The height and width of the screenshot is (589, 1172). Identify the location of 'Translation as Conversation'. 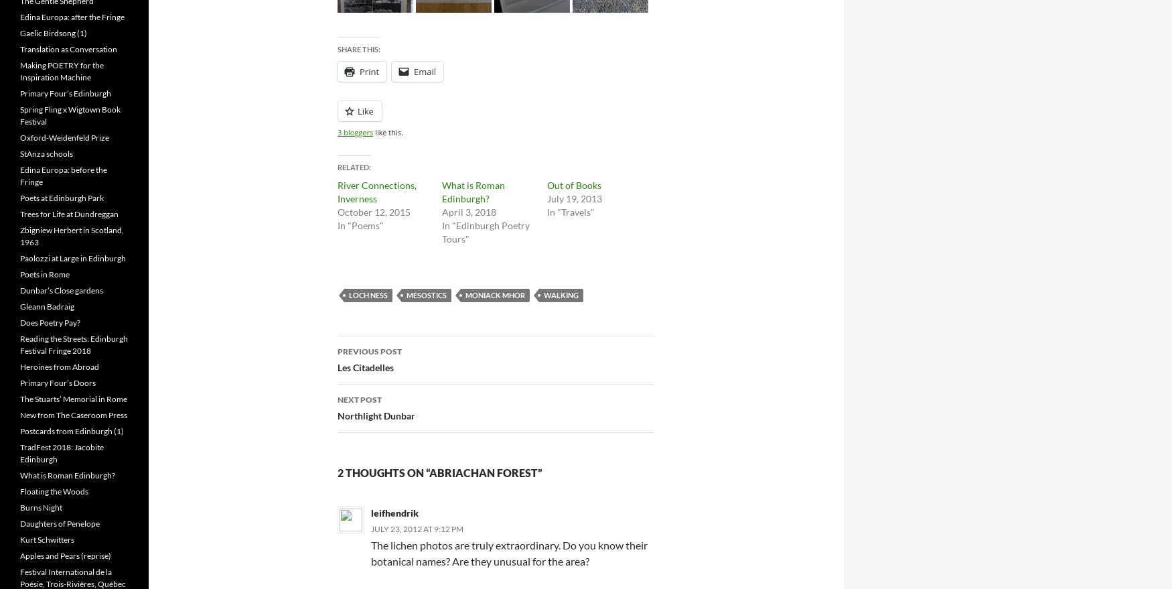
(68, 49).